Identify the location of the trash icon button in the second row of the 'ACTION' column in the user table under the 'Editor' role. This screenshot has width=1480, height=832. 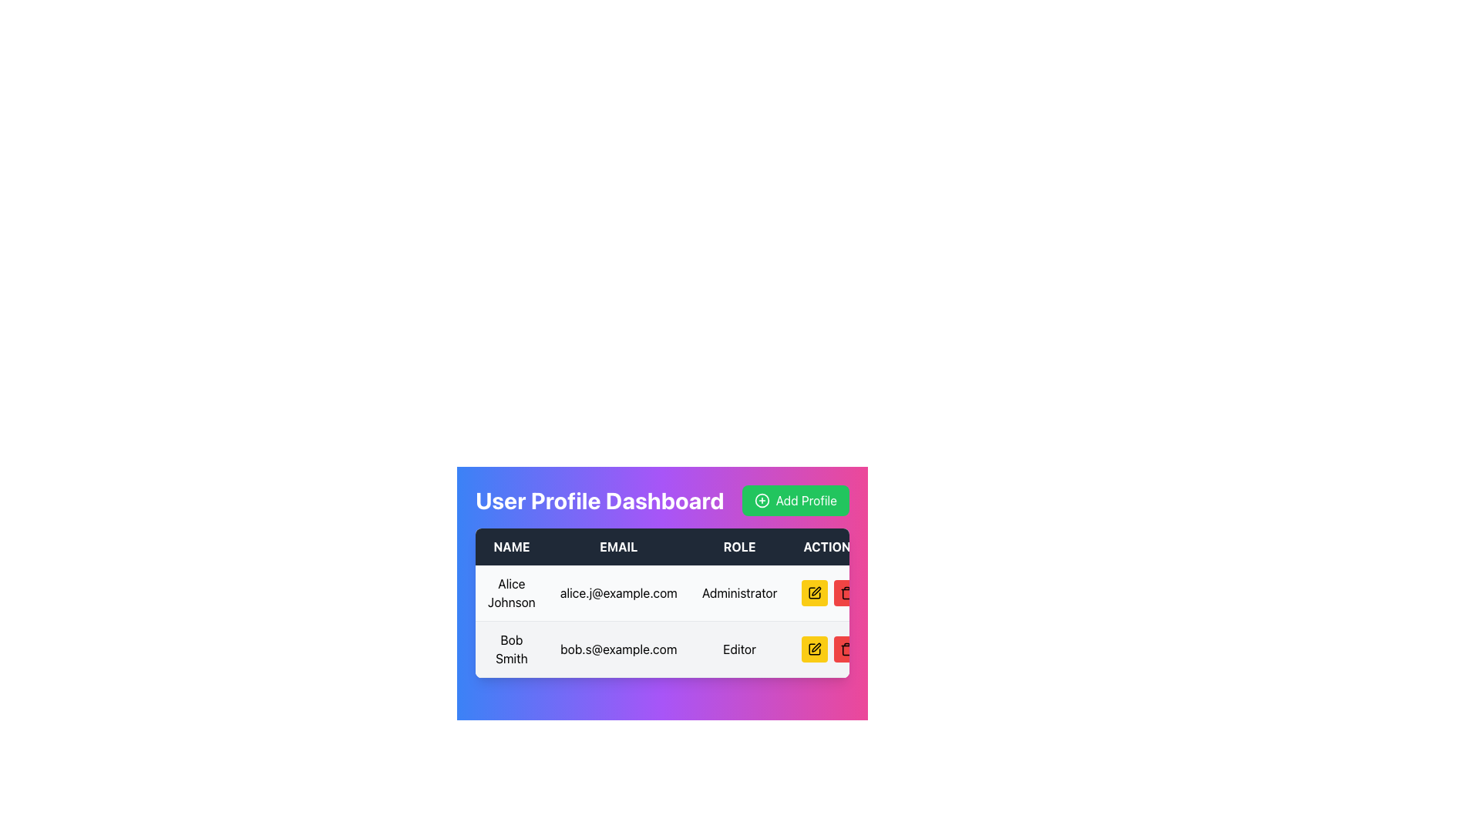
(846, 649).